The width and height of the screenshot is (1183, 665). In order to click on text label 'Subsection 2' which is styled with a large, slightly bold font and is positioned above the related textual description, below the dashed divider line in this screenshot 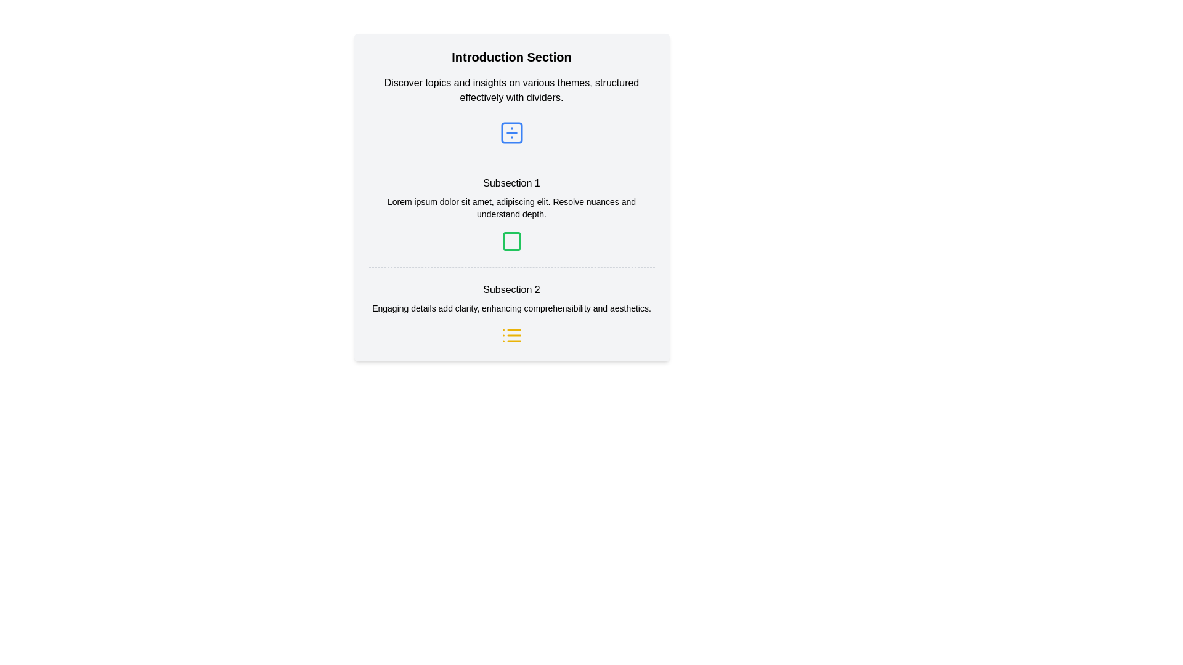, I will do `click(511, 289)`.